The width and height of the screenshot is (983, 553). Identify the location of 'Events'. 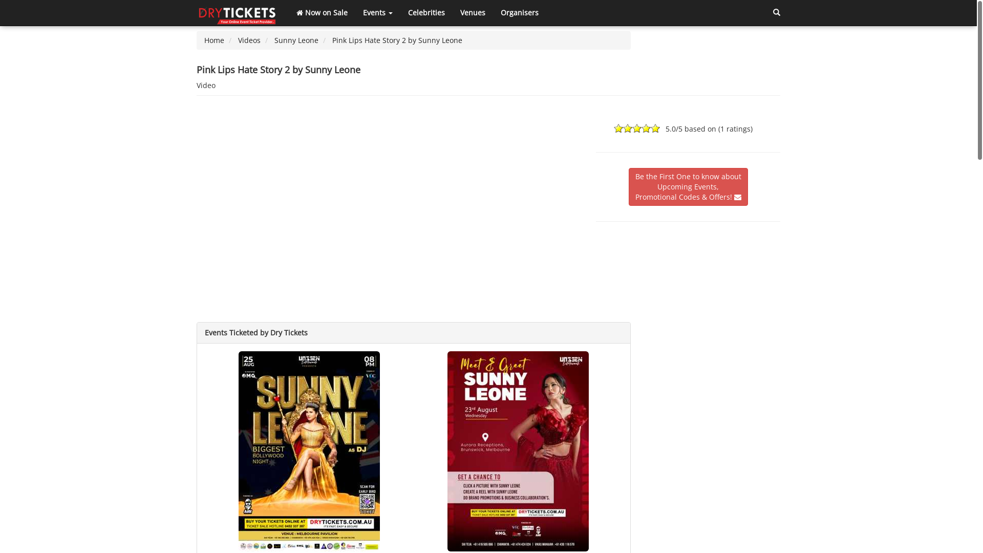
(377, 12).